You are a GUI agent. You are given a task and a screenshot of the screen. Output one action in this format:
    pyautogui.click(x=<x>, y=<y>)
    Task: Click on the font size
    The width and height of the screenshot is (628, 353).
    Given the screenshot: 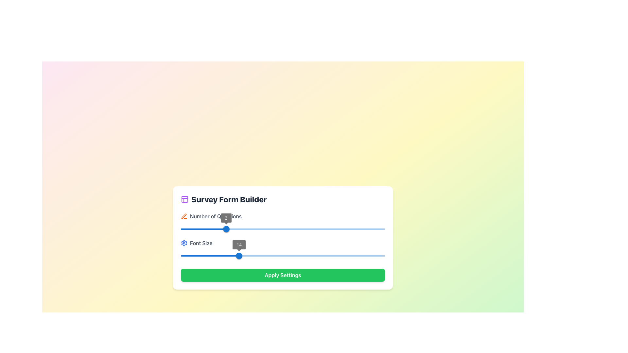 What is the action you would take?
    pyautogui.click(x=184, y=256)
    